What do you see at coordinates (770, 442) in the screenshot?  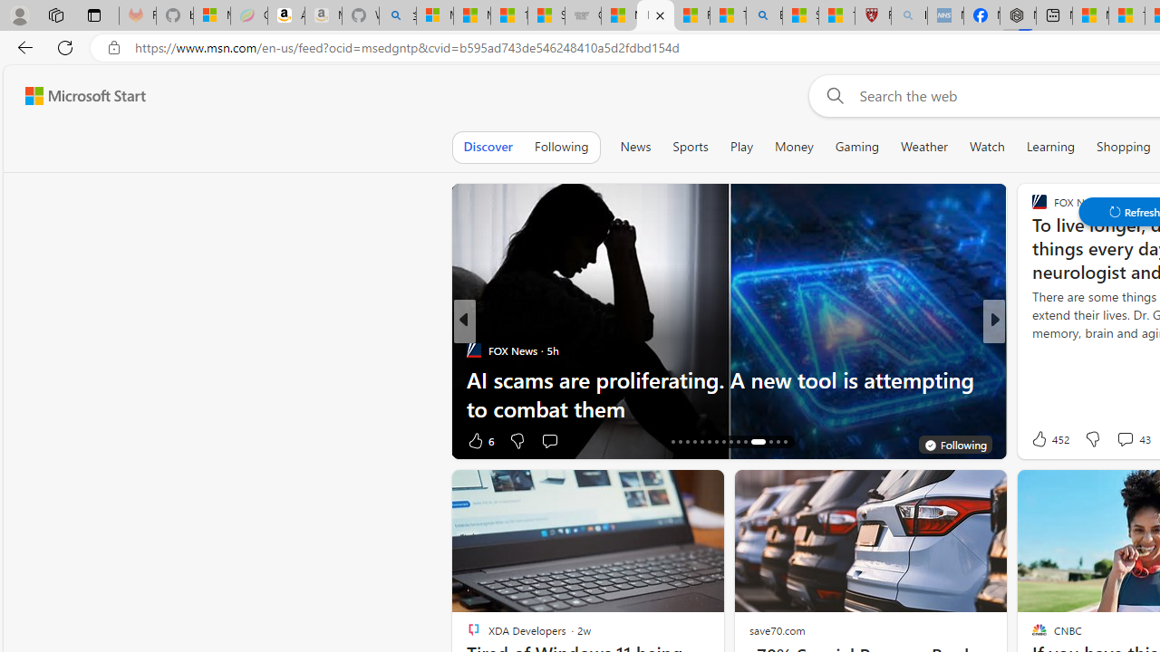 I see `'AutomationID: tab-28'` at bounding box center [770, 442].